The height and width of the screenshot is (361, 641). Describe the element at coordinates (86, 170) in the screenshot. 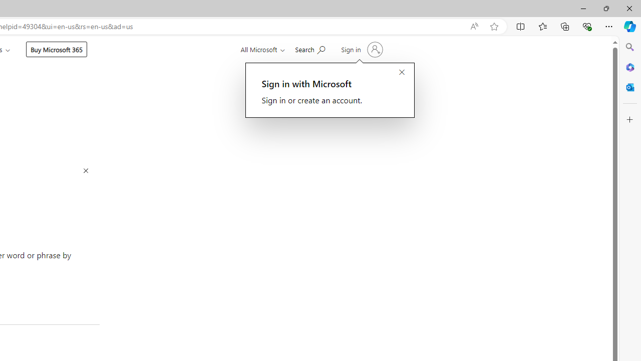

I see `'Close Ad'` at that location.